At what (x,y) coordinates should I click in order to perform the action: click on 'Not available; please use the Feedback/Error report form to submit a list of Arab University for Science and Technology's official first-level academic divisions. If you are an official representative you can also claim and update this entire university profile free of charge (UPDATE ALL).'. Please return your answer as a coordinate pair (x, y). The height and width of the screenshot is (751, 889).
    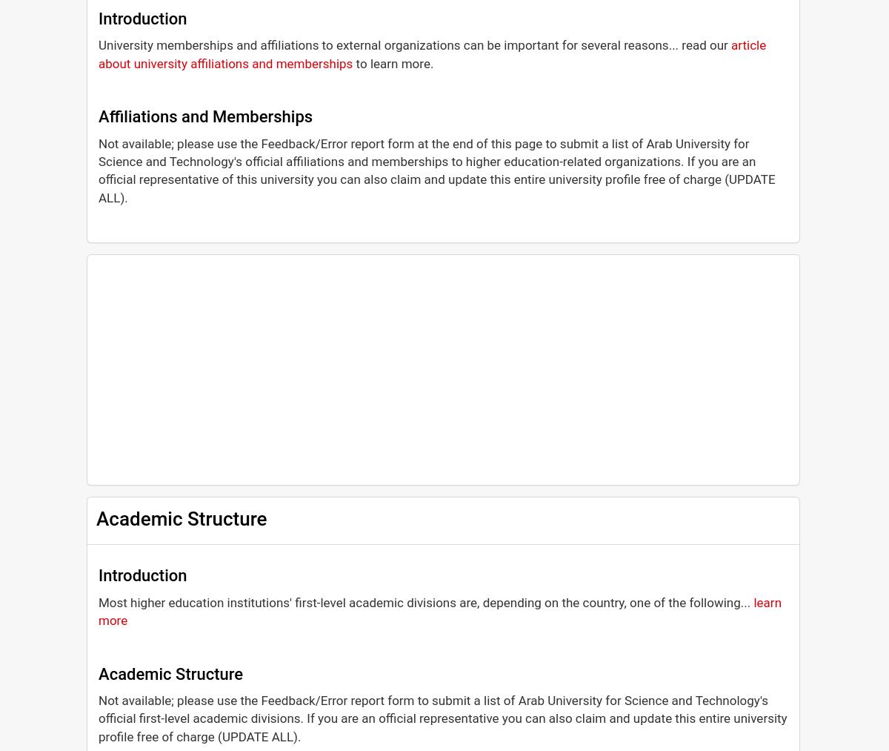
    Looking at the image, I should click on (442, 718).